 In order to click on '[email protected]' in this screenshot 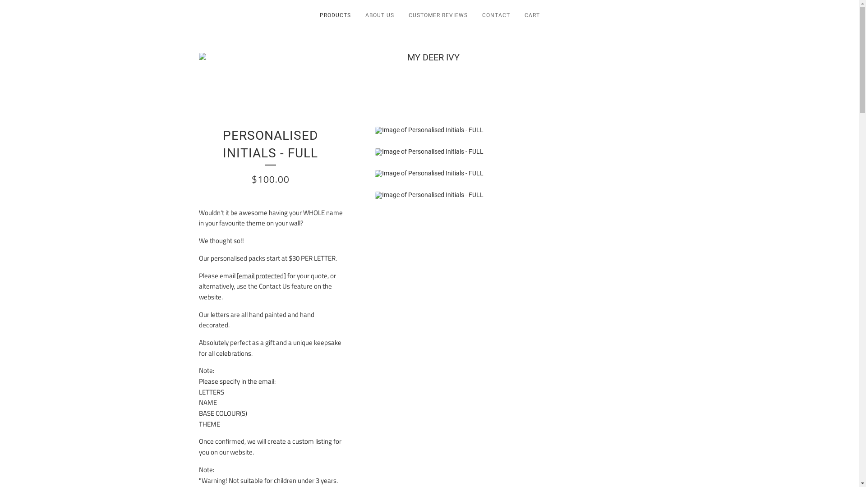, I will do `click(260, 275)`.